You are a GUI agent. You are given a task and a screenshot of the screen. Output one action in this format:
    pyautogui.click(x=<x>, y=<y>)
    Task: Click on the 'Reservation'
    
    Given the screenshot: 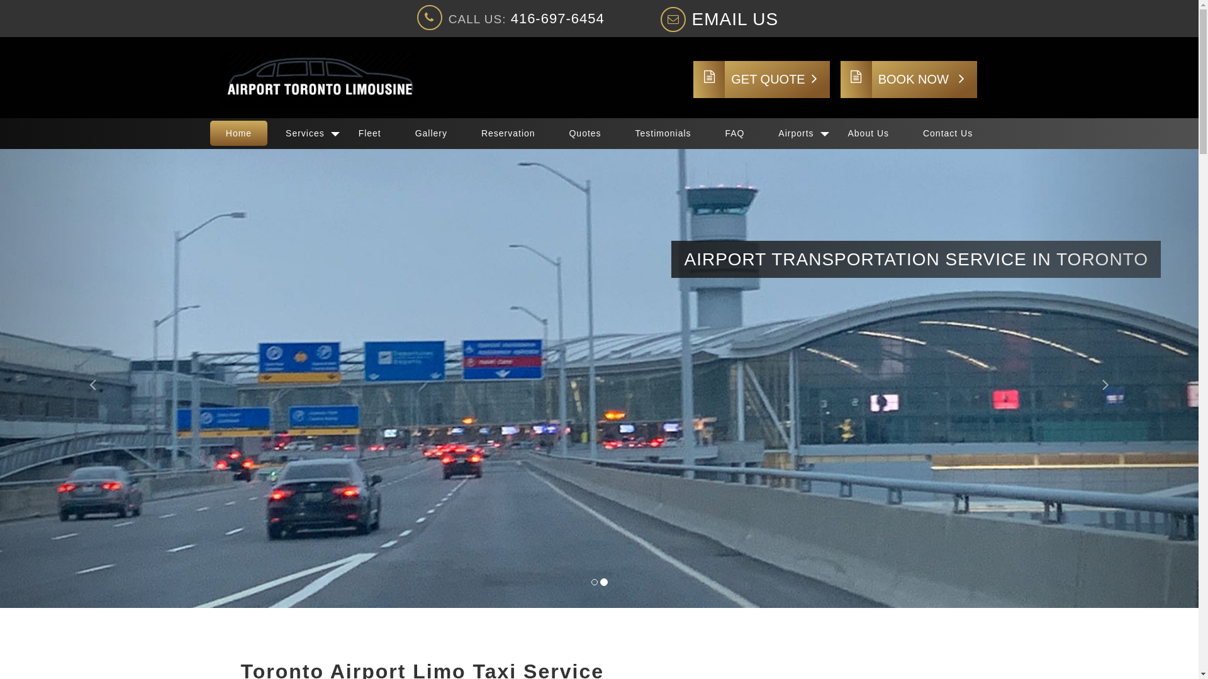 What is the action you would take?
    pyautogui.click(x=508, y=133)
    